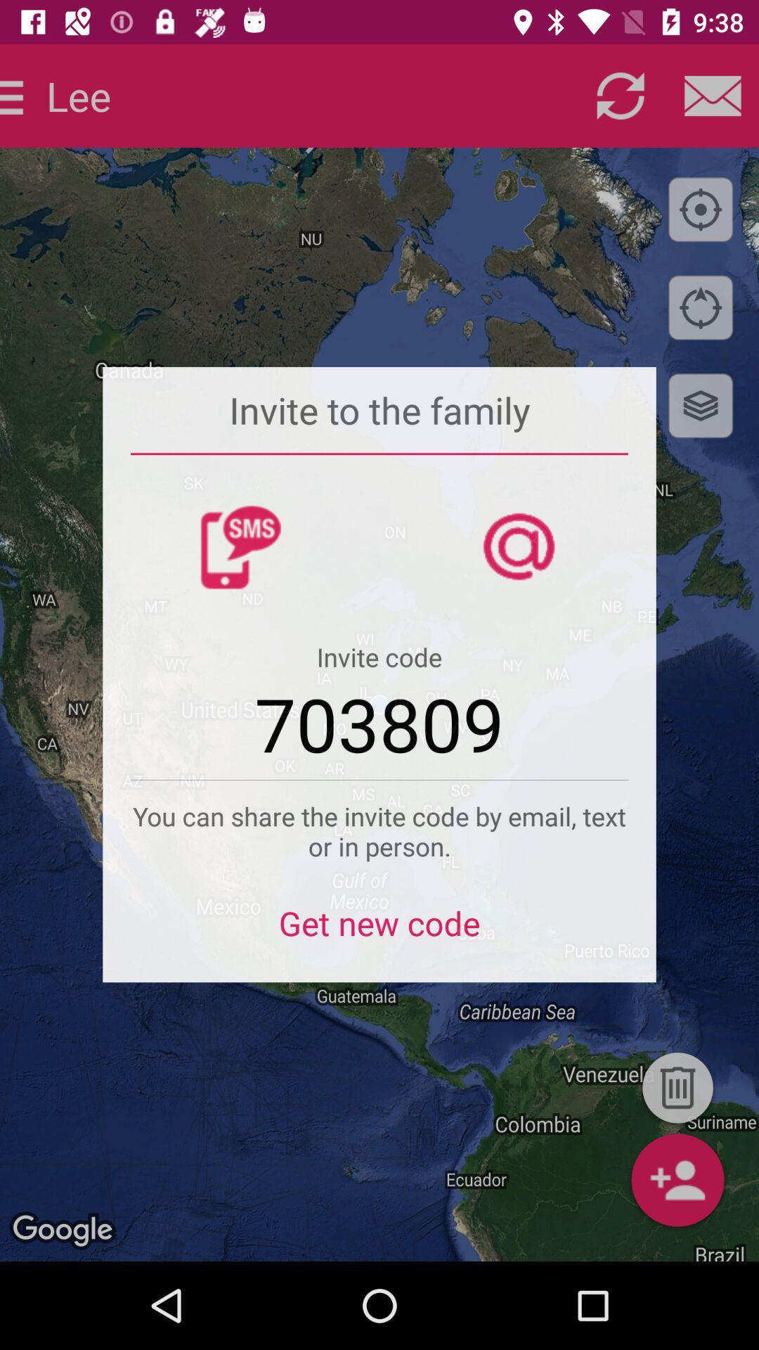 This screenshot has height=1350, width=759. What do you see at coordinates (713, 95) in the screenshot?
I see `mail` at bounding box center [713, 95].